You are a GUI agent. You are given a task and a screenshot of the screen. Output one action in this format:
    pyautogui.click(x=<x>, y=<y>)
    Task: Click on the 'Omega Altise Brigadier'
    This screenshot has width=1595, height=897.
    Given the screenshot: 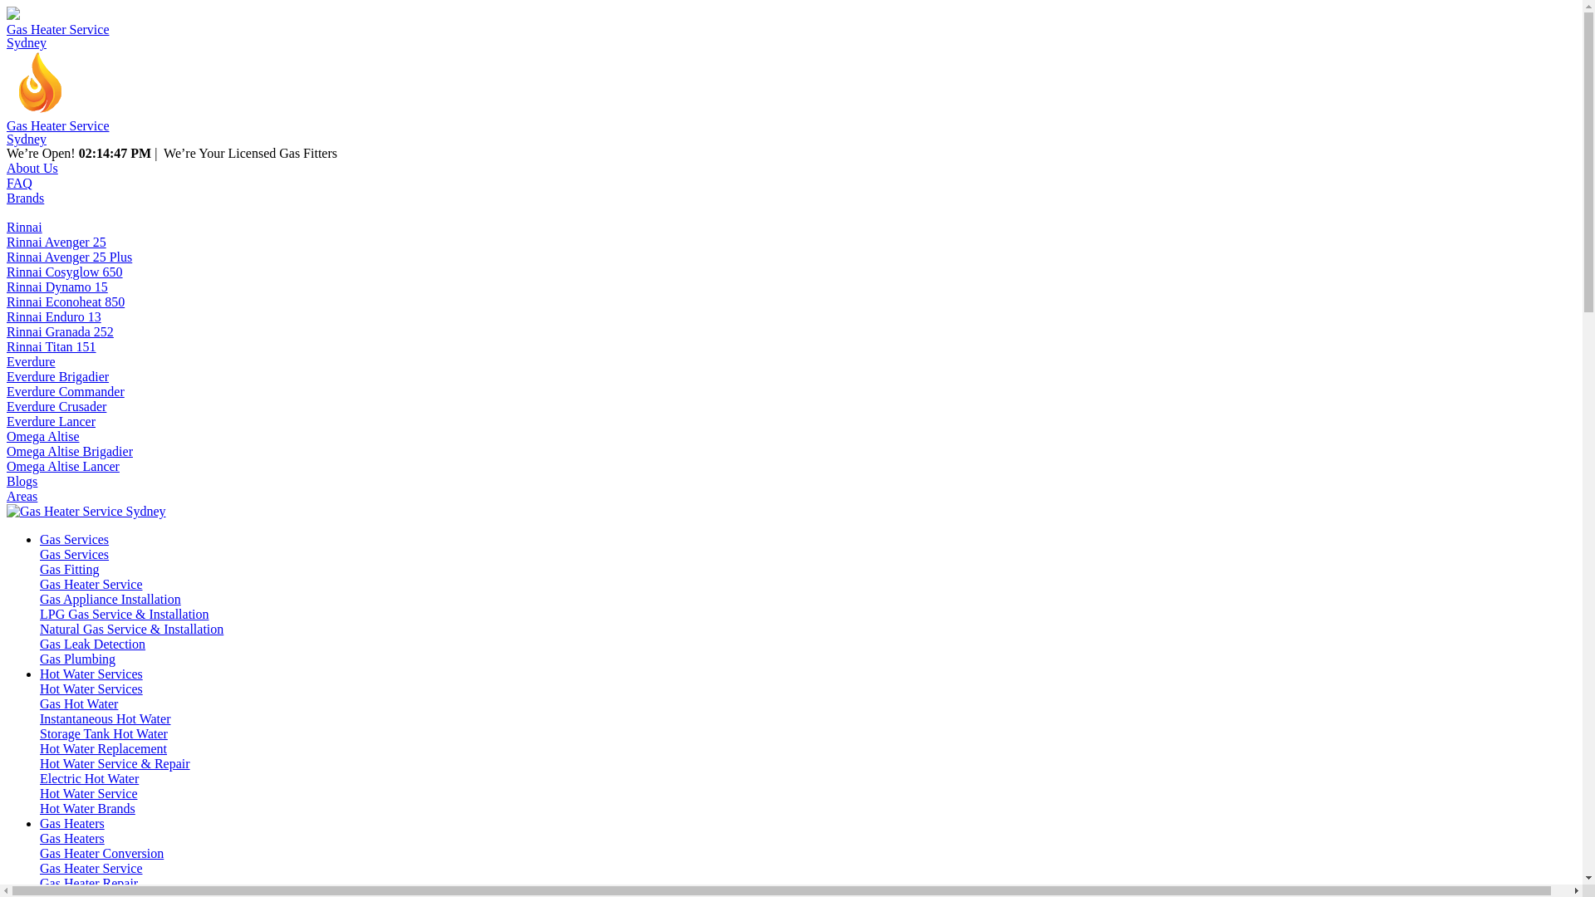 What is the action you would take?
    pyautogui.click(x=68, y=451)
    